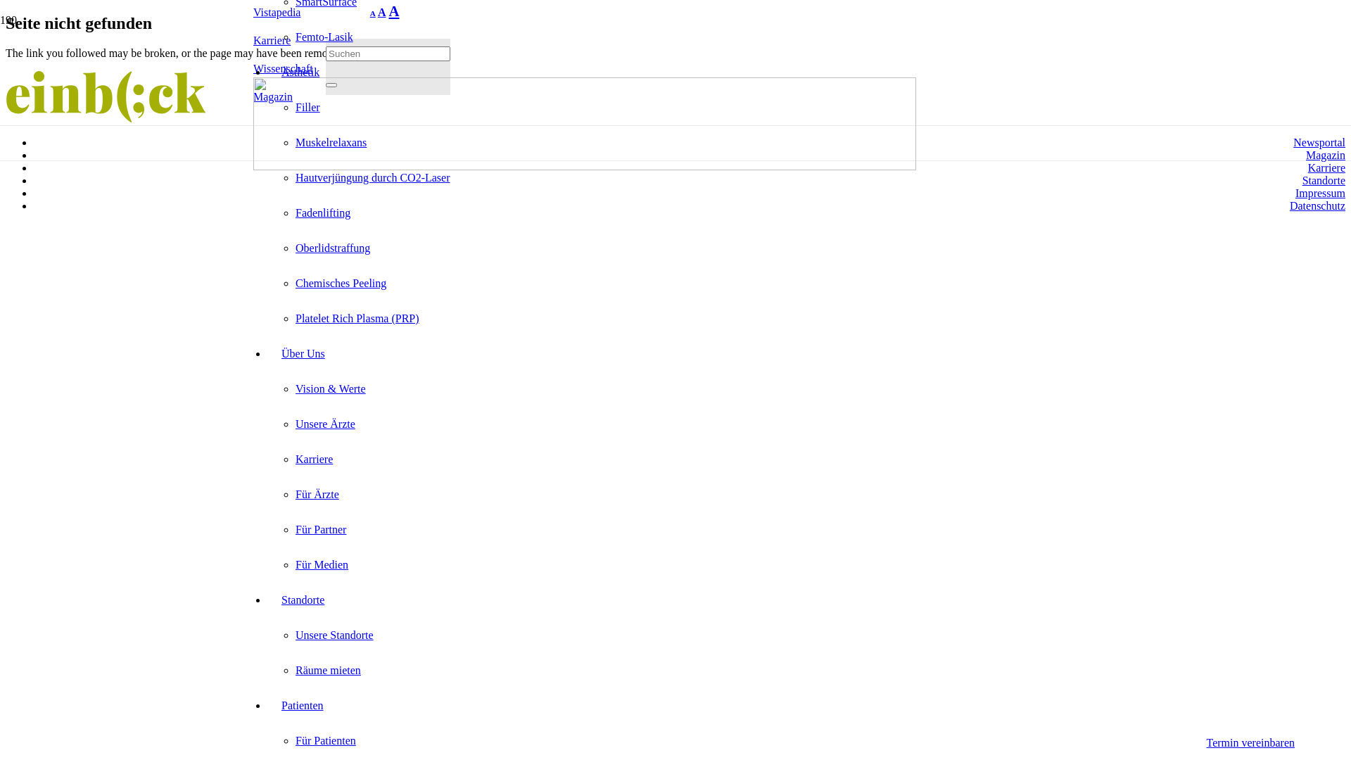 The width and height of the screenshot is (1351, 760). Describe the element at coordinates (302, 600) in the screenshot. I see `'Standorte'` at that location.